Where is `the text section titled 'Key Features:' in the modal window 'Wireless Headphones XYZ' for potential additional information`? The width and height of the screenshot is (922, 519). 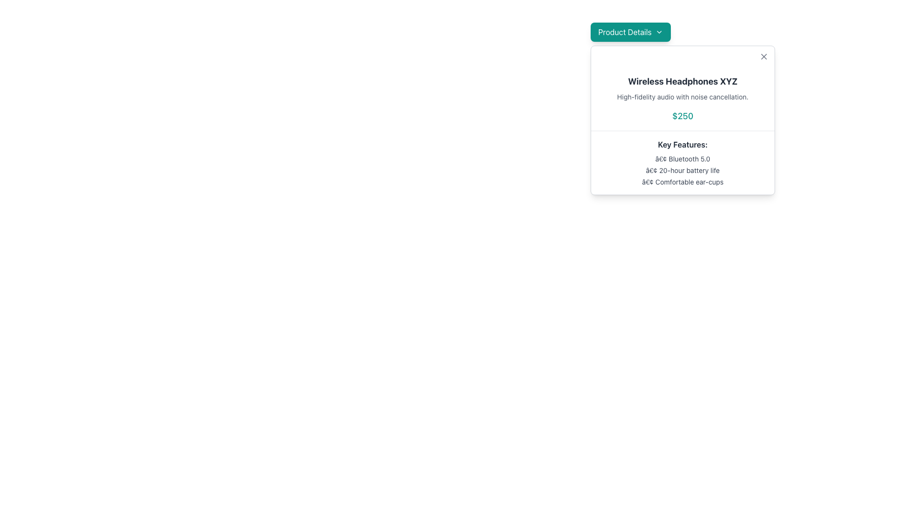 the text section titled 'Key Features:' in the modal window 'Wireless Headphones XYZ' for potential additional information is located at coordinates (682, 162).